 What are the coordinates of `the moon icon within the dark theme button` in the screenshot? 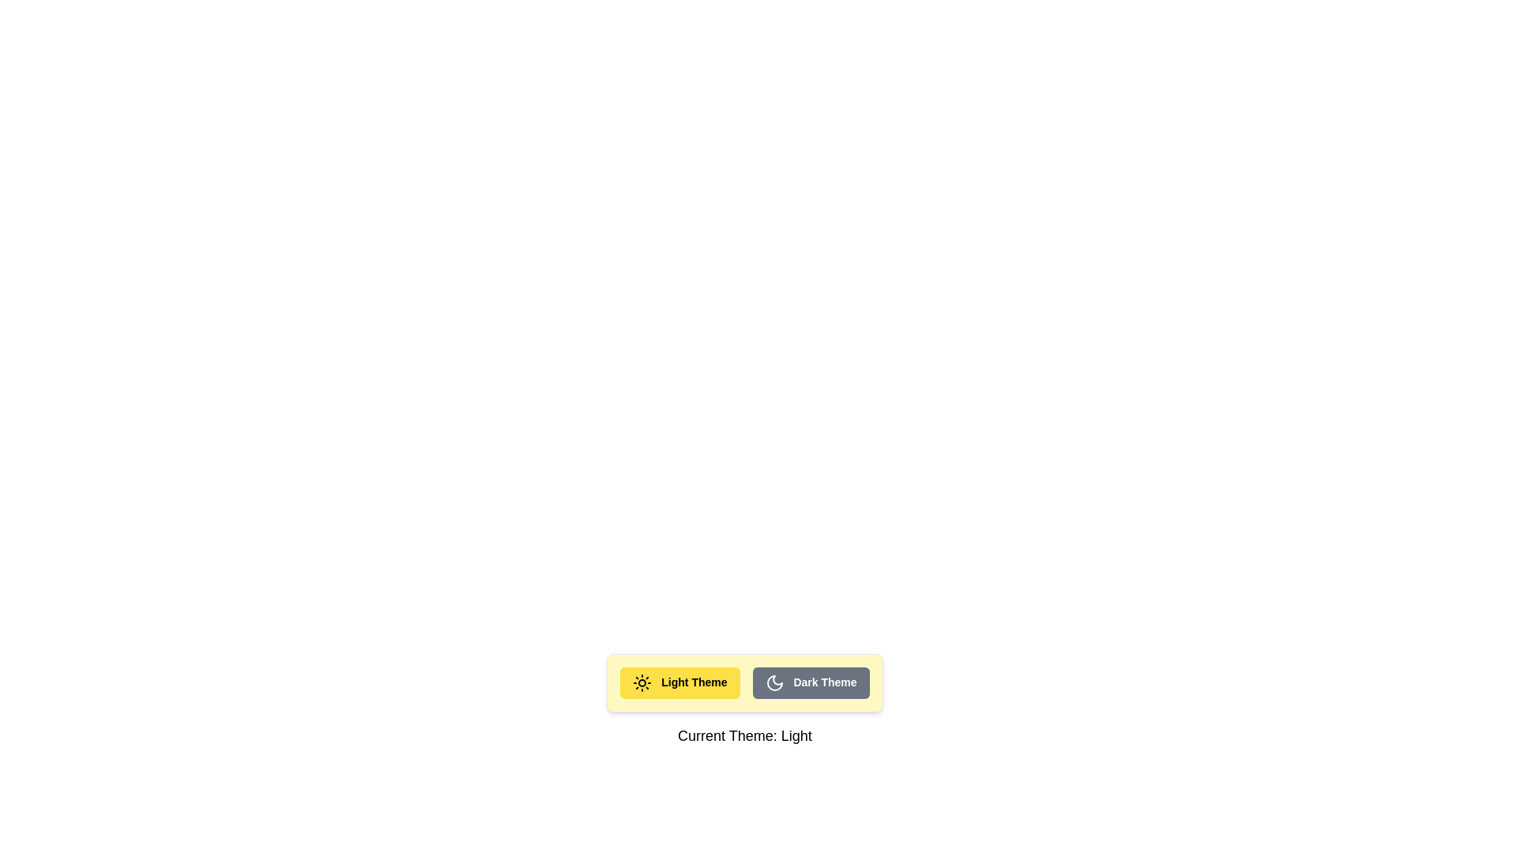 It's located at (774, 682).